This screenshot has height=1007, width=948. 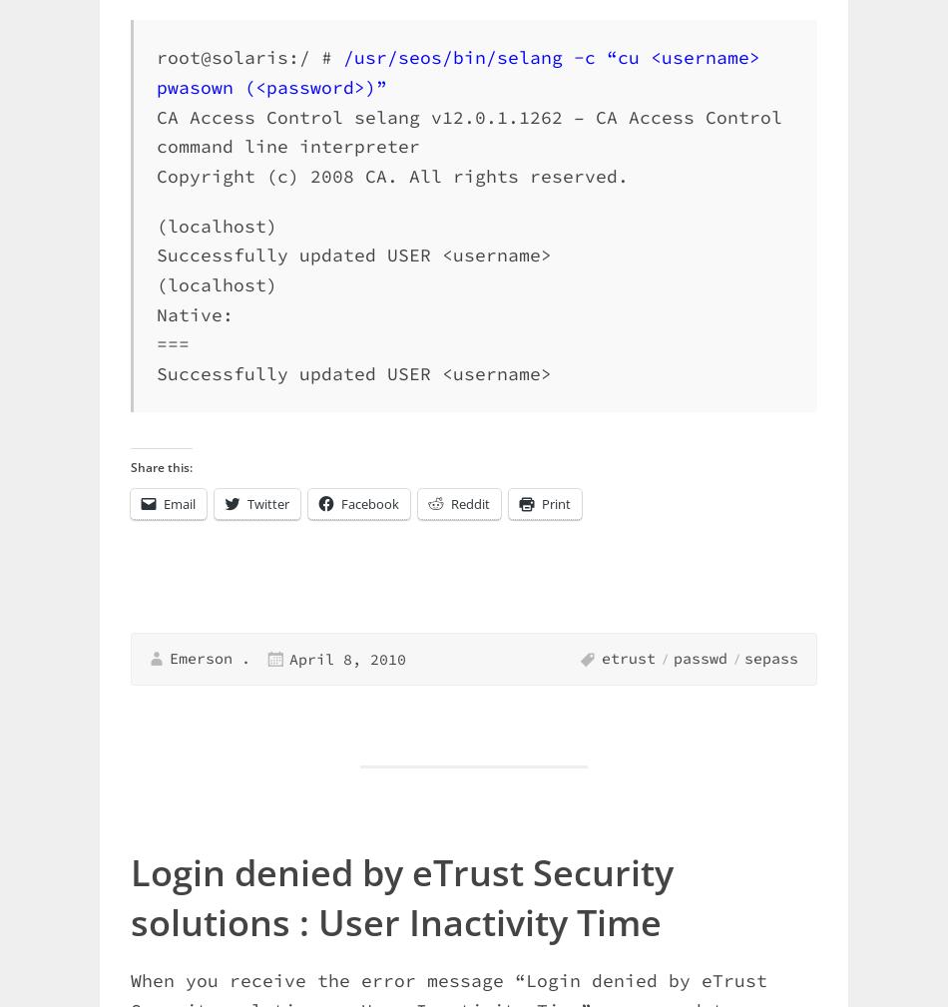 I want to click on 'etrust', so click(x=601, y=658).